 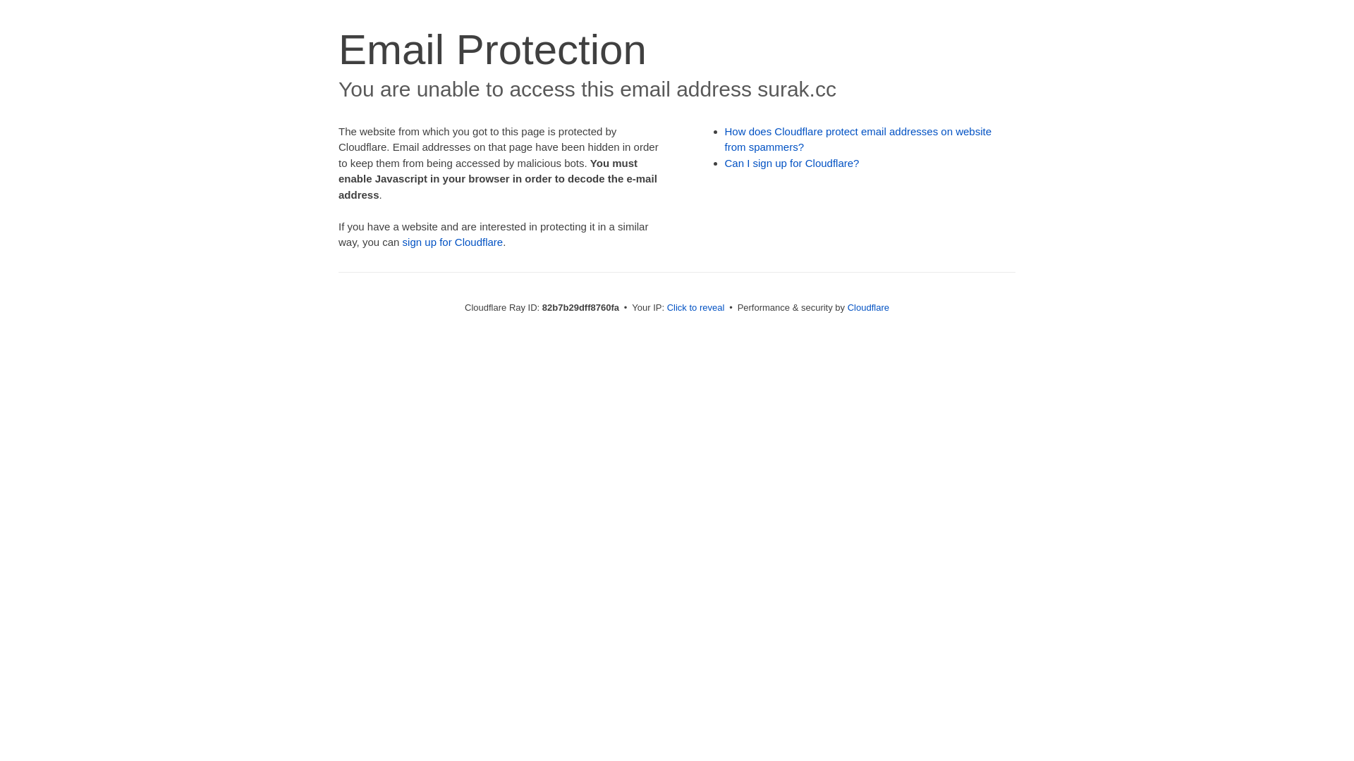 What do you see at coordinates (792, 162) in the screenshot?
I see `'Can I sign up for Cloudflare?'` at bounding box center [792, 162].